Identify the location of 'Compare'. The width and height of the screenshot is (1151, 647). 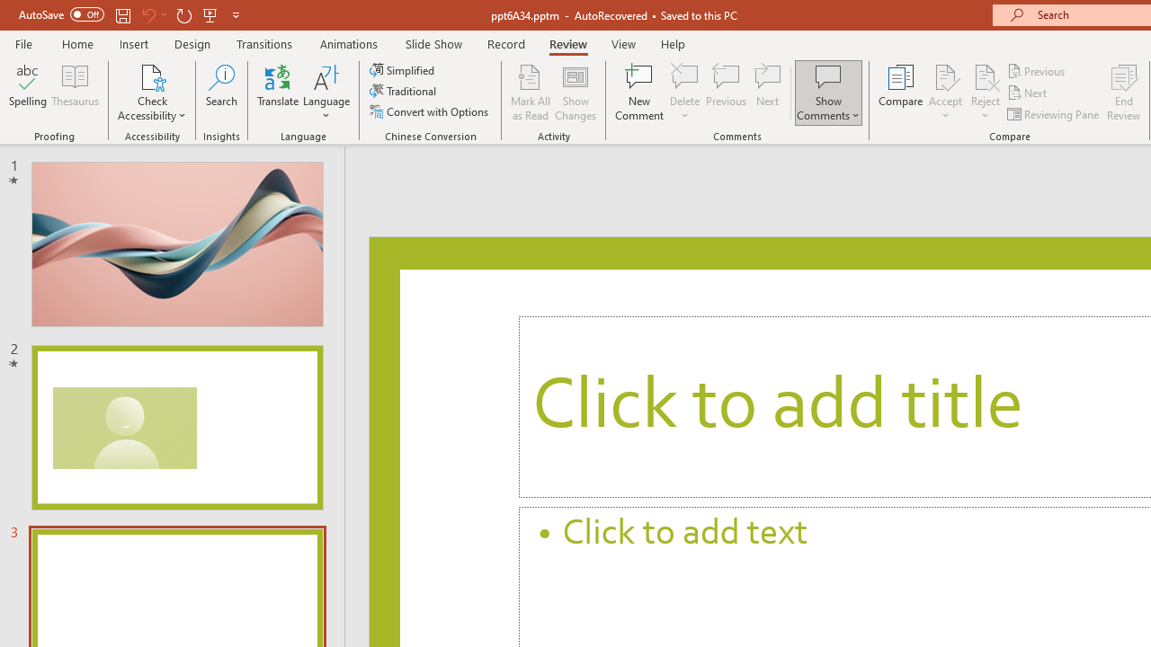
(901, 93).